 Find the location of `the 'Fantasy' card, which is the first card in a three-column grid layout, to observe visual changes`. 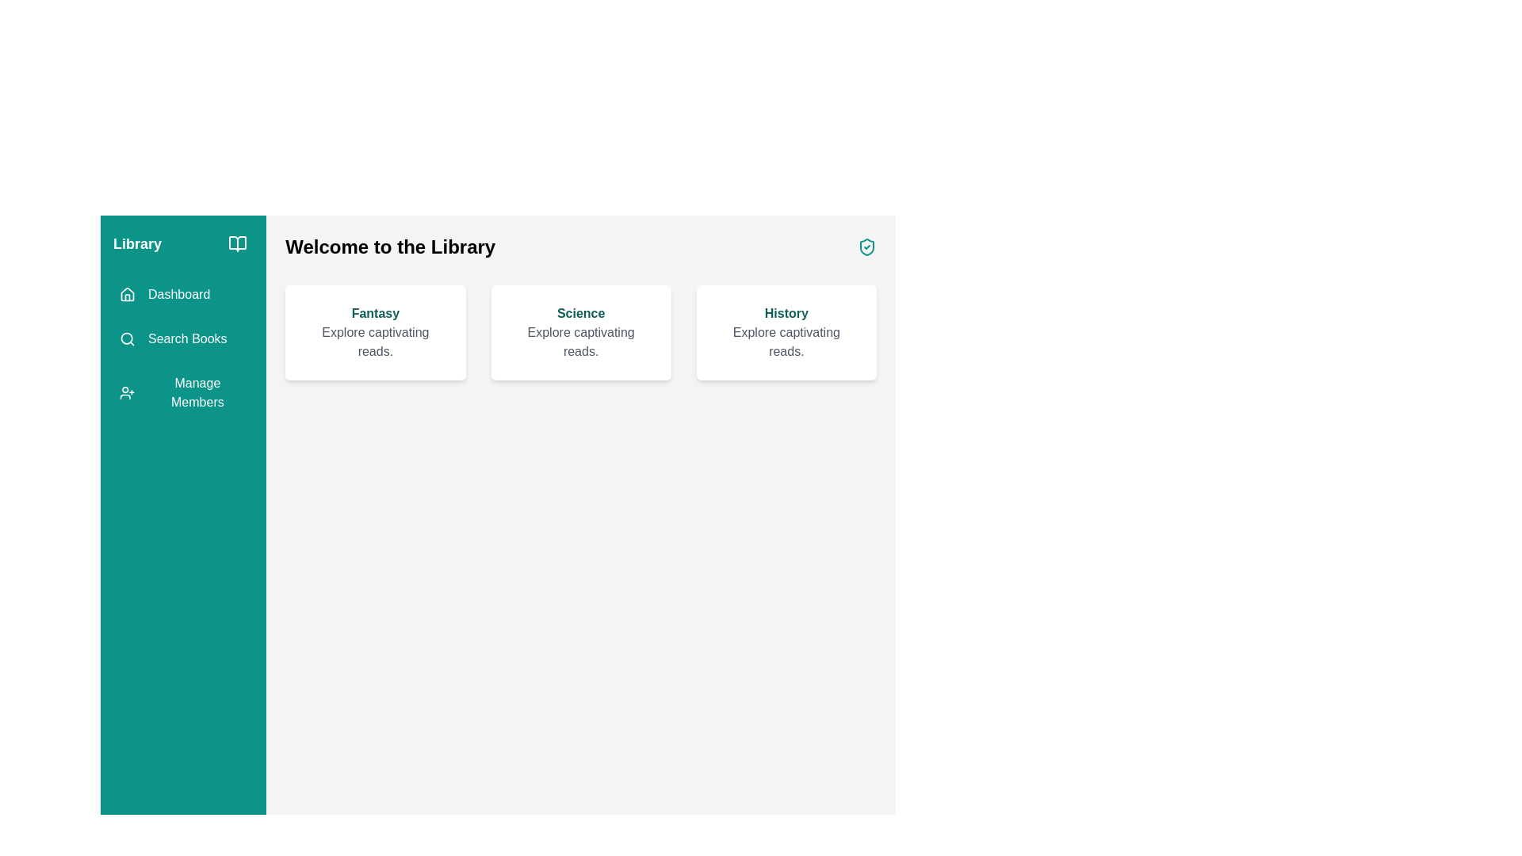

the 'Fantasy' card, which is the first card in a three-column grid layout, to observe visual changes is located at coordinates (374, 332).